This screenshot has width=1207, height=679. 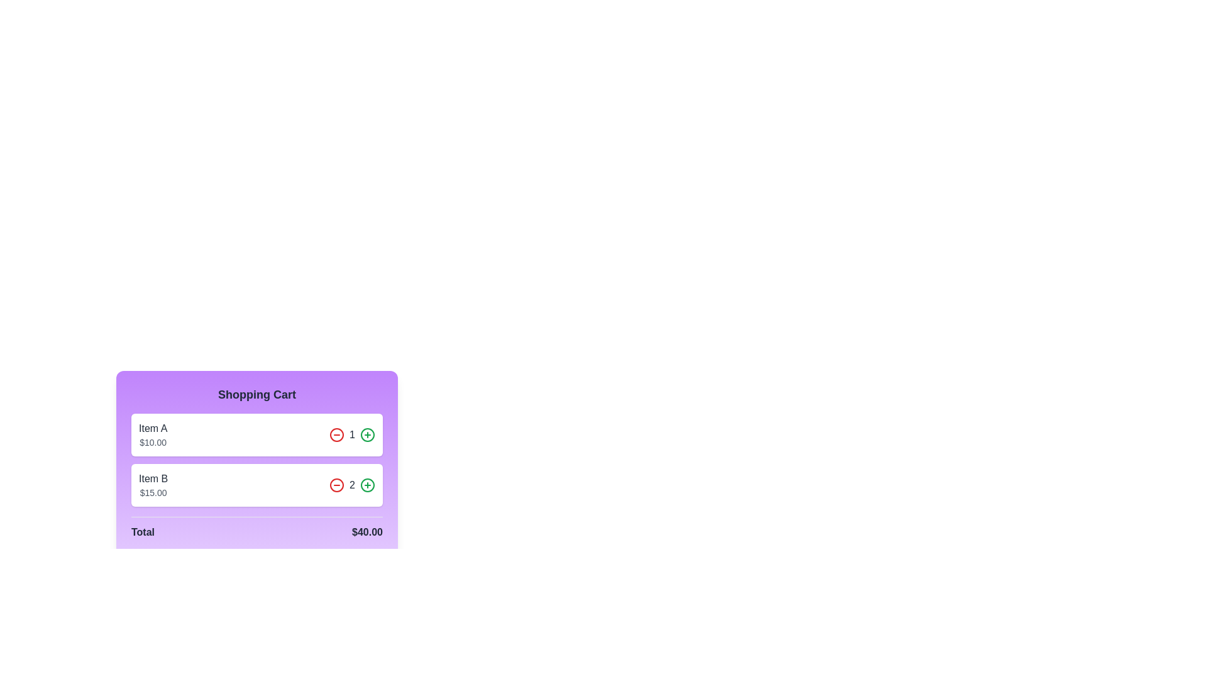 What do you see at coordinates (153, 484) in the screenshot?
I see `the Label displaying 'Item B' and its price '15.00' in the second row of the shopping cart interface` at bounding box center [153, 484].